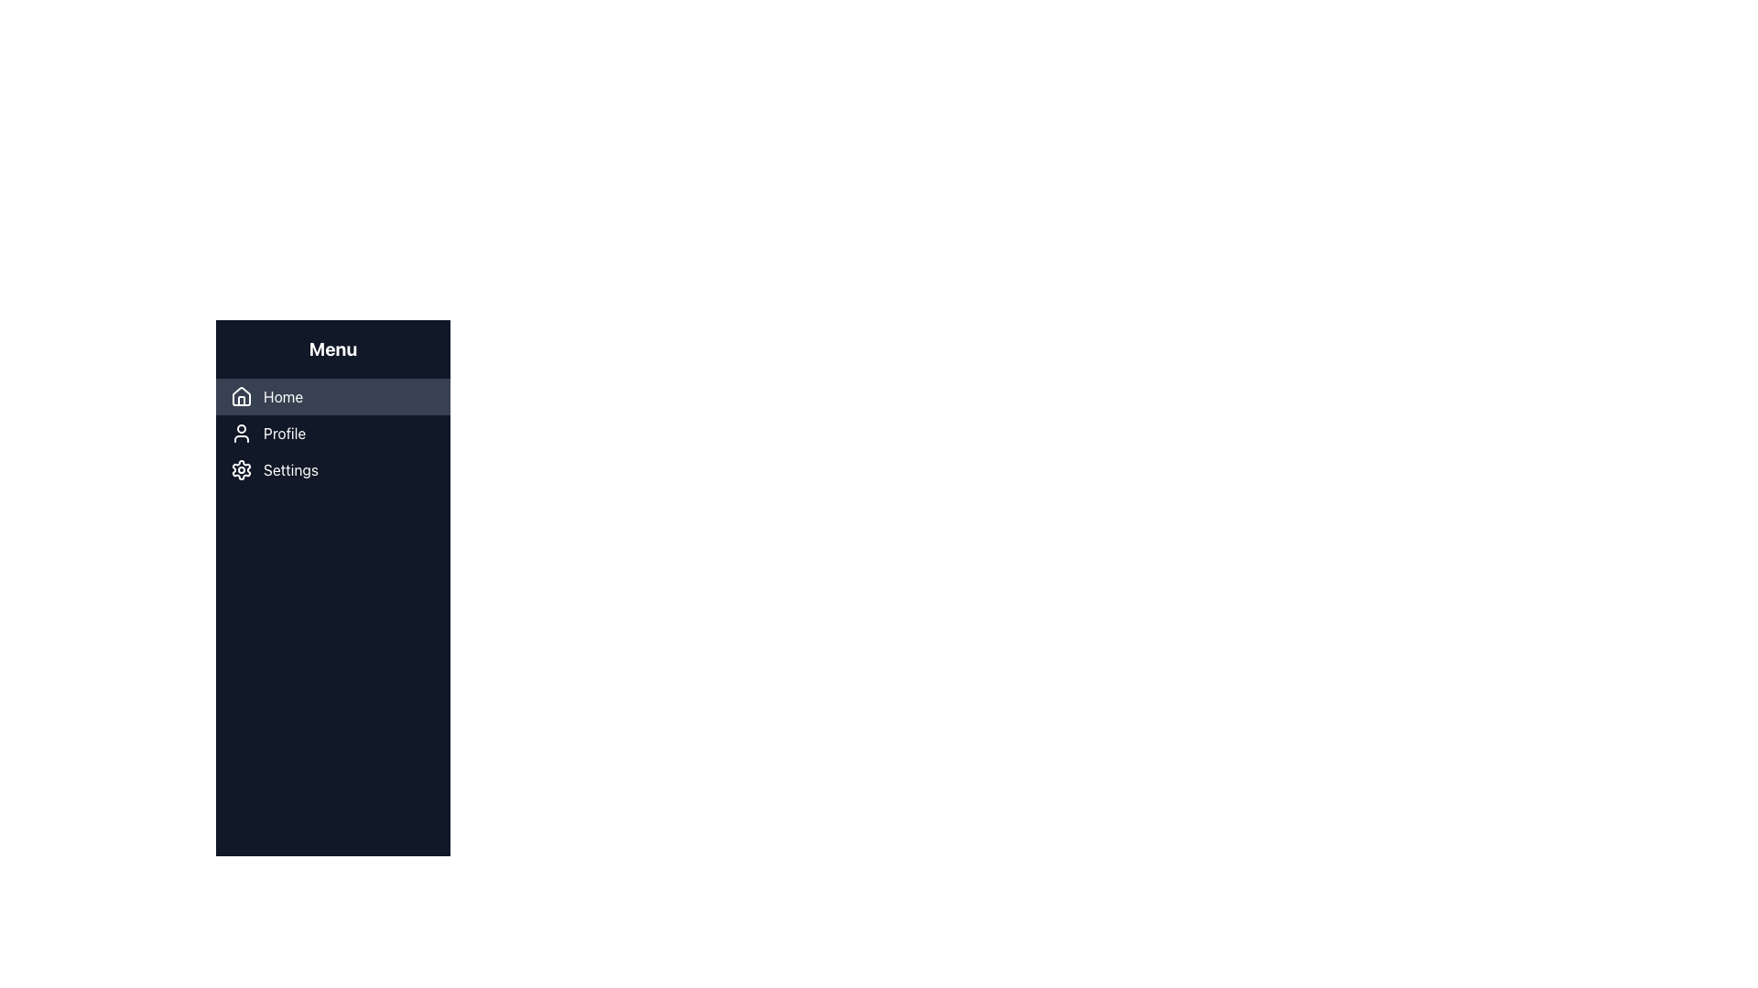 This screenshot has width=1758, height=988. Describe the element at coordinates (241, 434) in the screenshot. I see `the circular user profile icon with a white line stroke against a dark background, located to the left of the 'Profile' label in the vertical menu bar` at that location.